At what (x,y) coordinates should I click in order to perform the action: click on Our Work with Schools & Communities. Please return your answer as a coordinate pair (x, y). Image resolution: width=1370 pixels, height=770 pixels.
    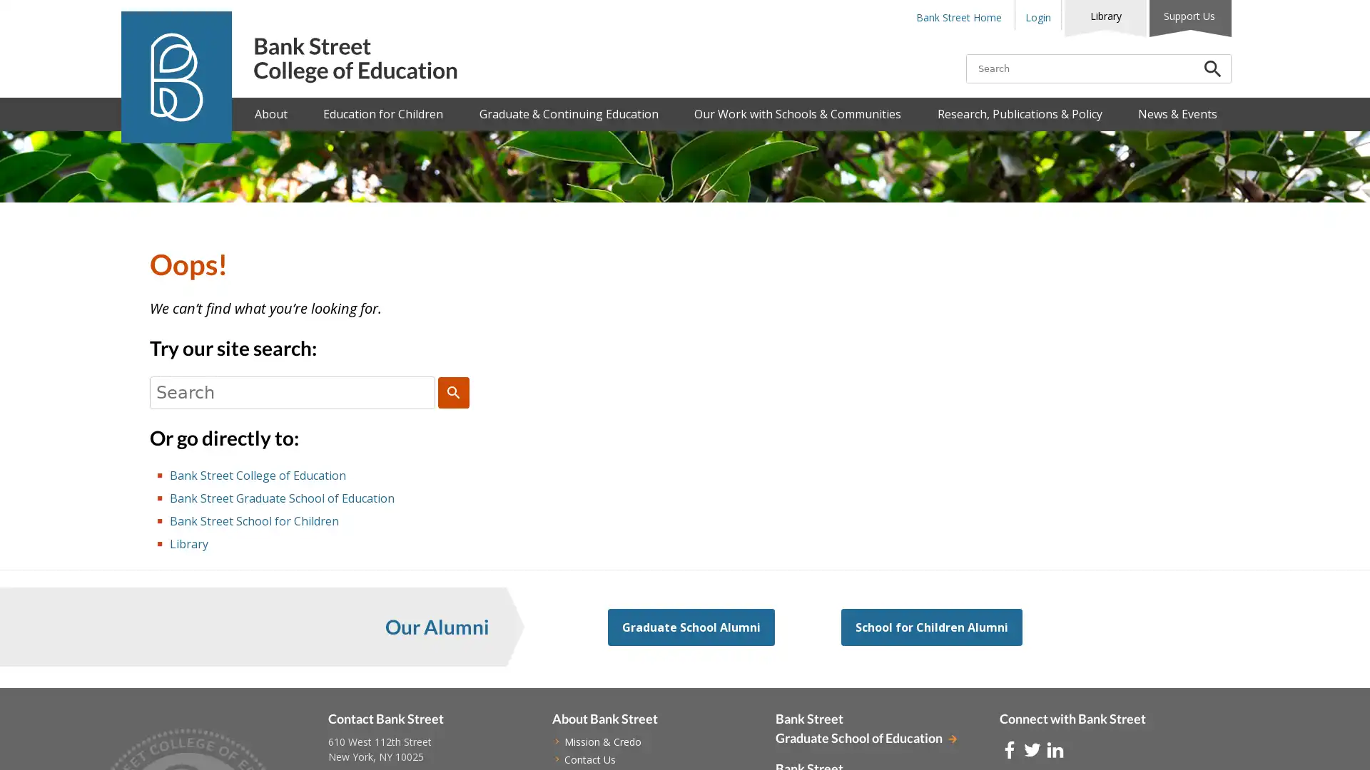
    Looking at the image, I should click on (797, 113).